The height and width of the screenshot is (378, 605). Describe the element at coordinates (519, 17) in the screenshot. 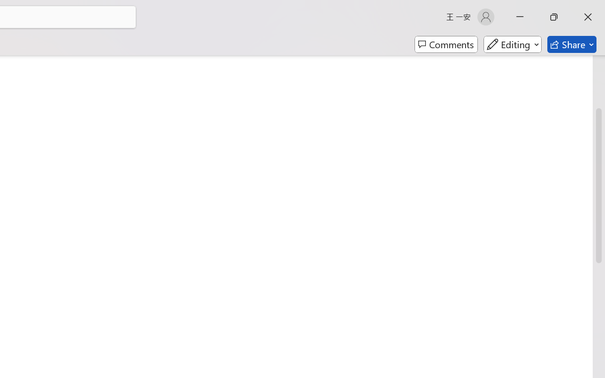

I see `'Minimize'` at that location.